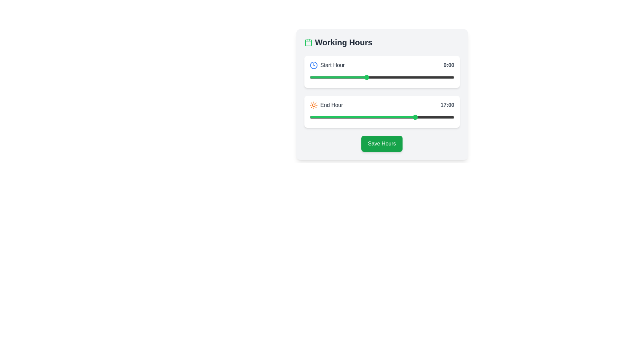 The width and height of the screenshot is (643, 362). Describe the element at coordinates (322, 77) in the screenshot. I see `the start hour` at that location.